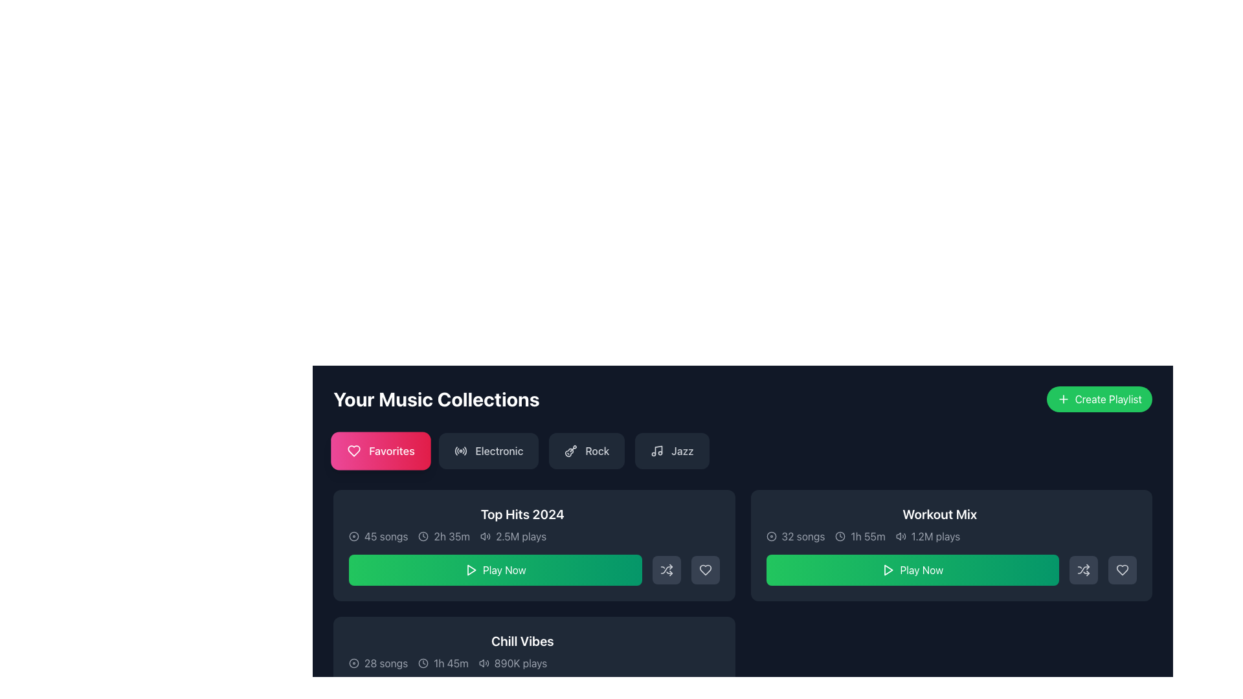 The height and width of the screenshot is (699, 1243). Describe the element at coordinates (666, 569) in the screenshot. I see `the shuffle icon button in the 'Workout Mix' card located in the 'Your Music Collections' section` at that location.